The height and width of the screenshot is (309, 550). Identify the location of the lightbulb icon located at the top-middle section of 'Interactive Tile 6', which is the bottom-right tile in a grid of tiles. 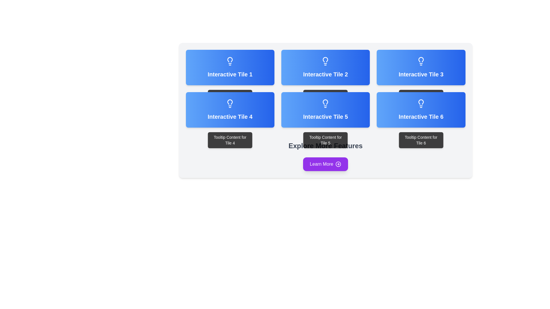
(421, 104).